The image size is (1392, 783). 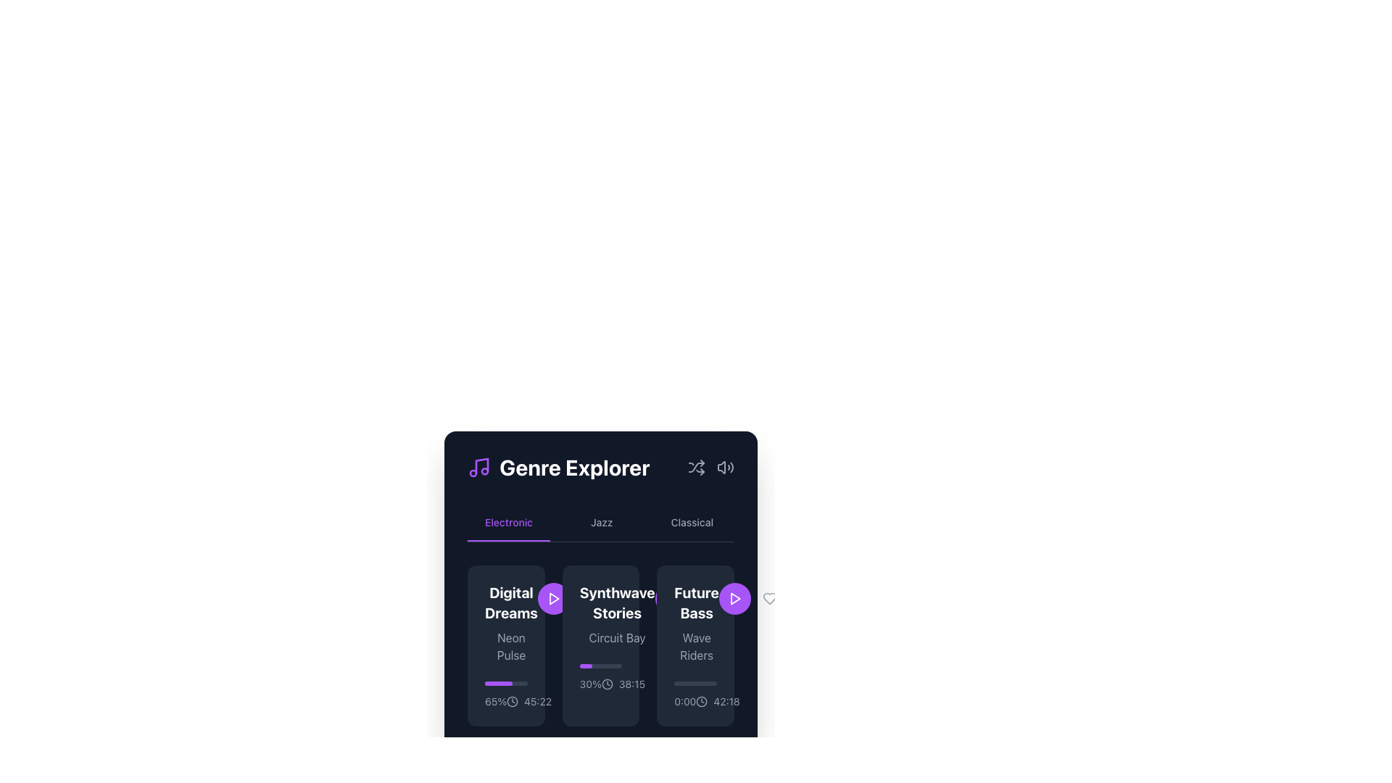 I want to click on the static text label that provides additional information related to the main title 'Digital Dreams', located directly beneath the title within the second section of the card, so click(x=511, y=645).